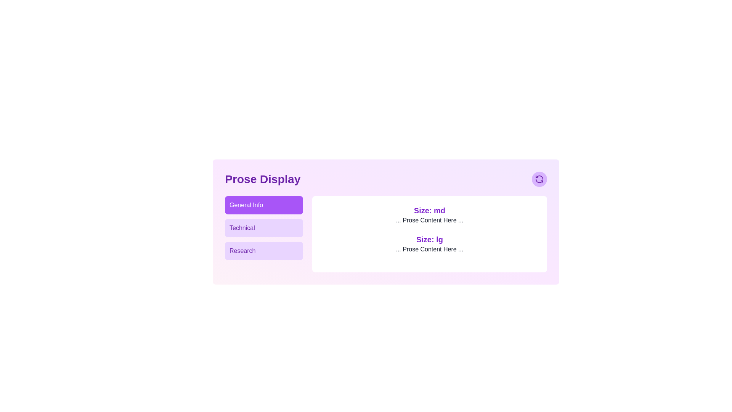 The image size is (732, 412). Describe the element at coordinates (430, 239) in the screenshot. I see `the static text element that displays 'Size: lg', which is styled prominently in bold purple font and located below 'Size: md'` at that location.